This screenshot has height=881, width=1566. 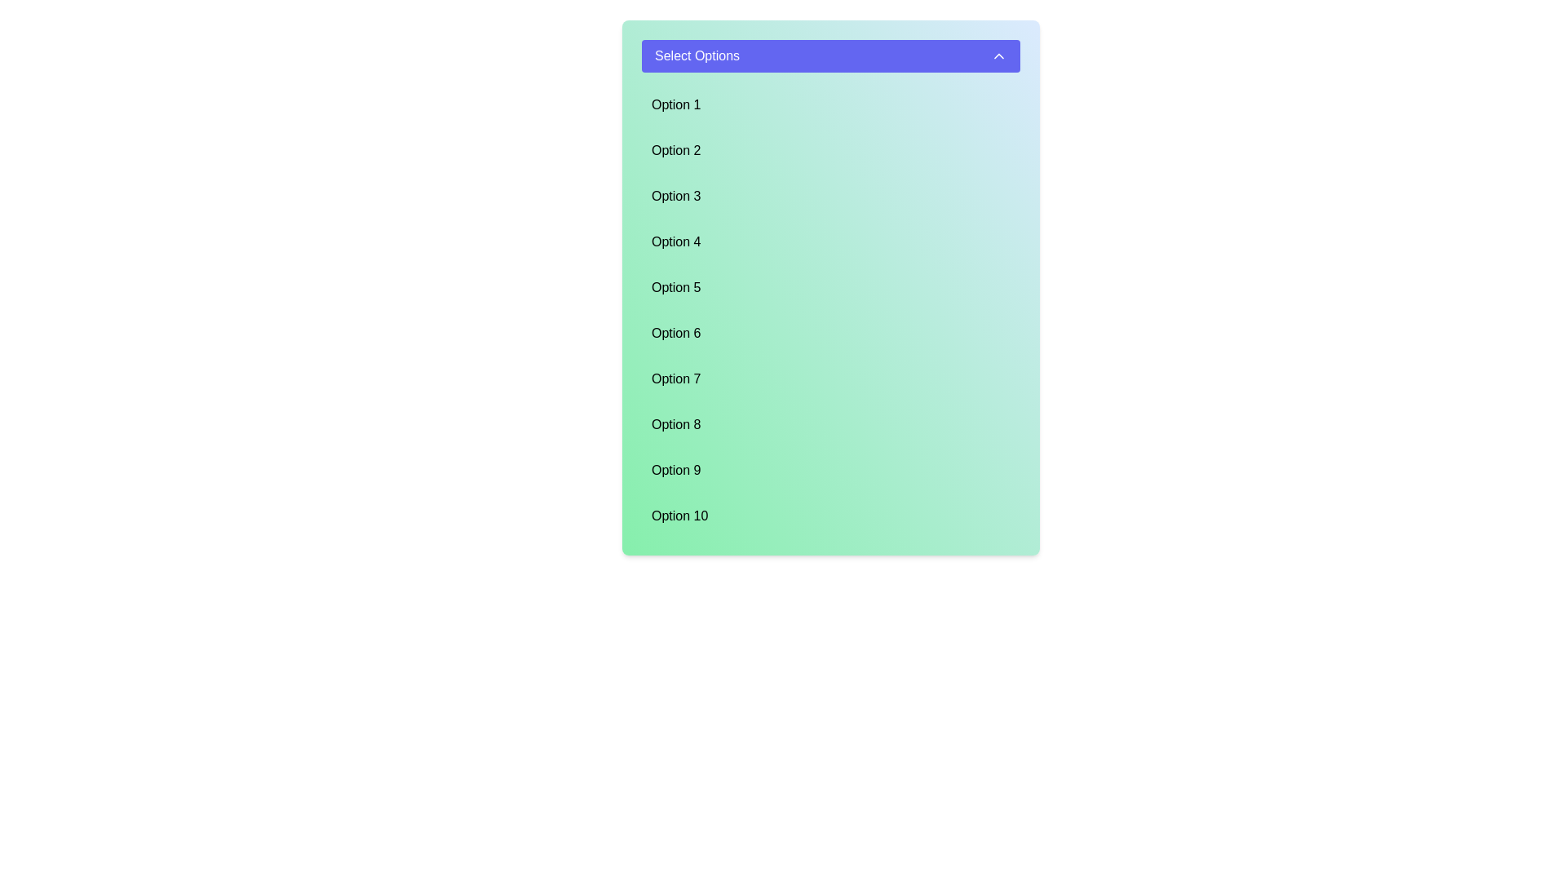 I want to click on the selectable list item labeled 'Option 4' with a light blue background, so click(x=830, y=242).